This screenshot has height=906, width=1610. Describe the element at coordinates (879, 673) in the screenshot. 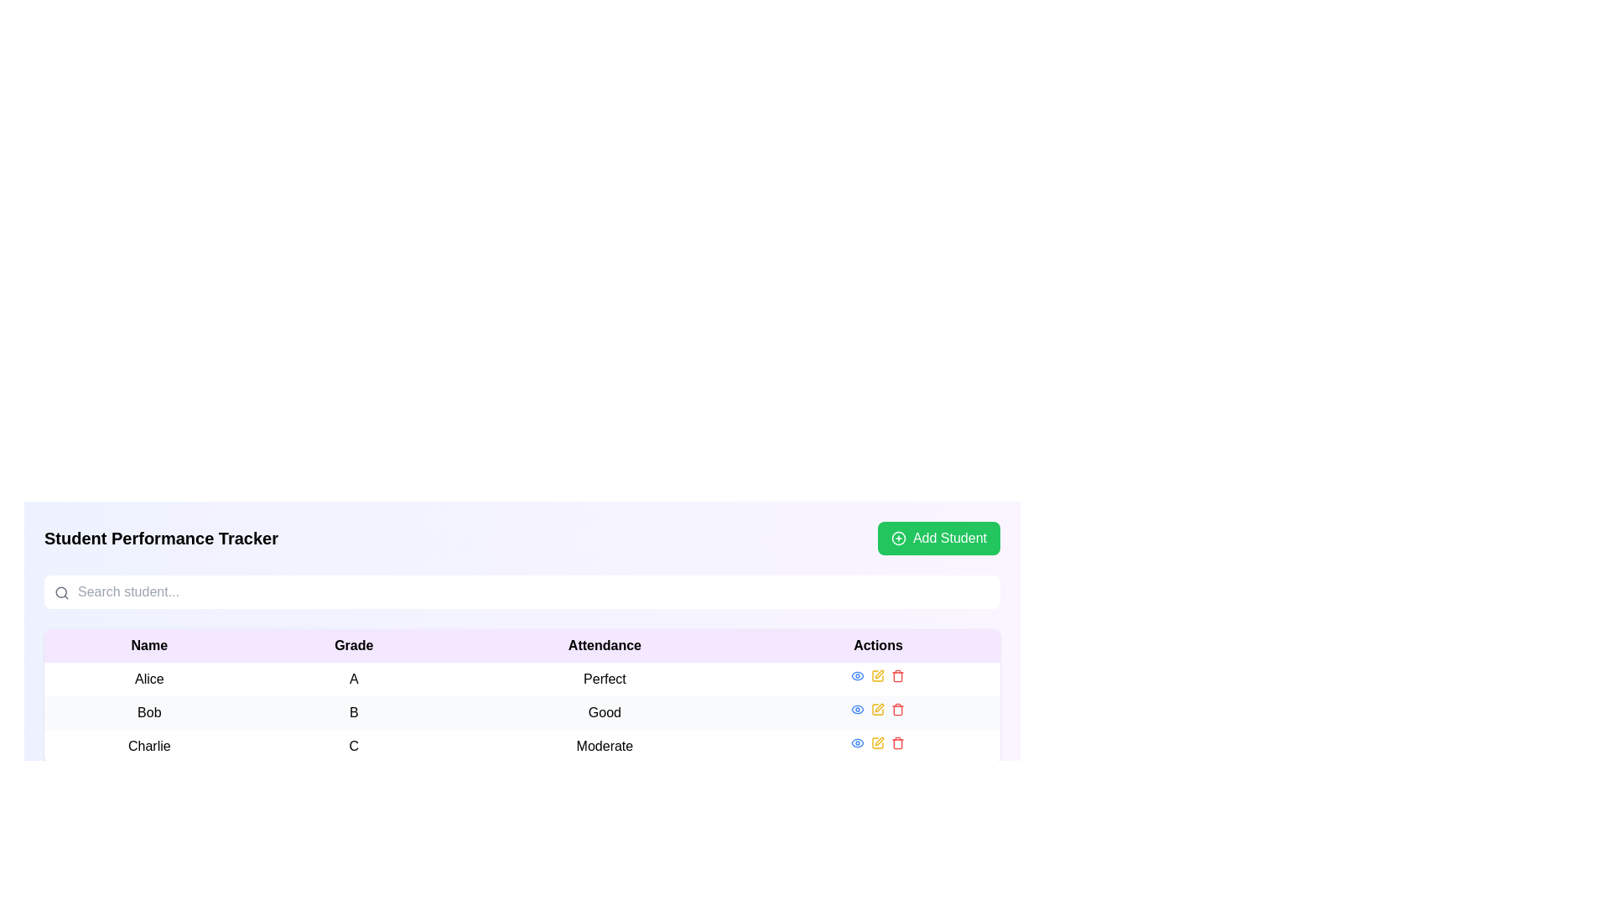

I see `the pen or edit icon located in the 'Actions' column of the table for the student named 'Alice', which is the second icon in the row, positioned between the view and delete icons` at that location.